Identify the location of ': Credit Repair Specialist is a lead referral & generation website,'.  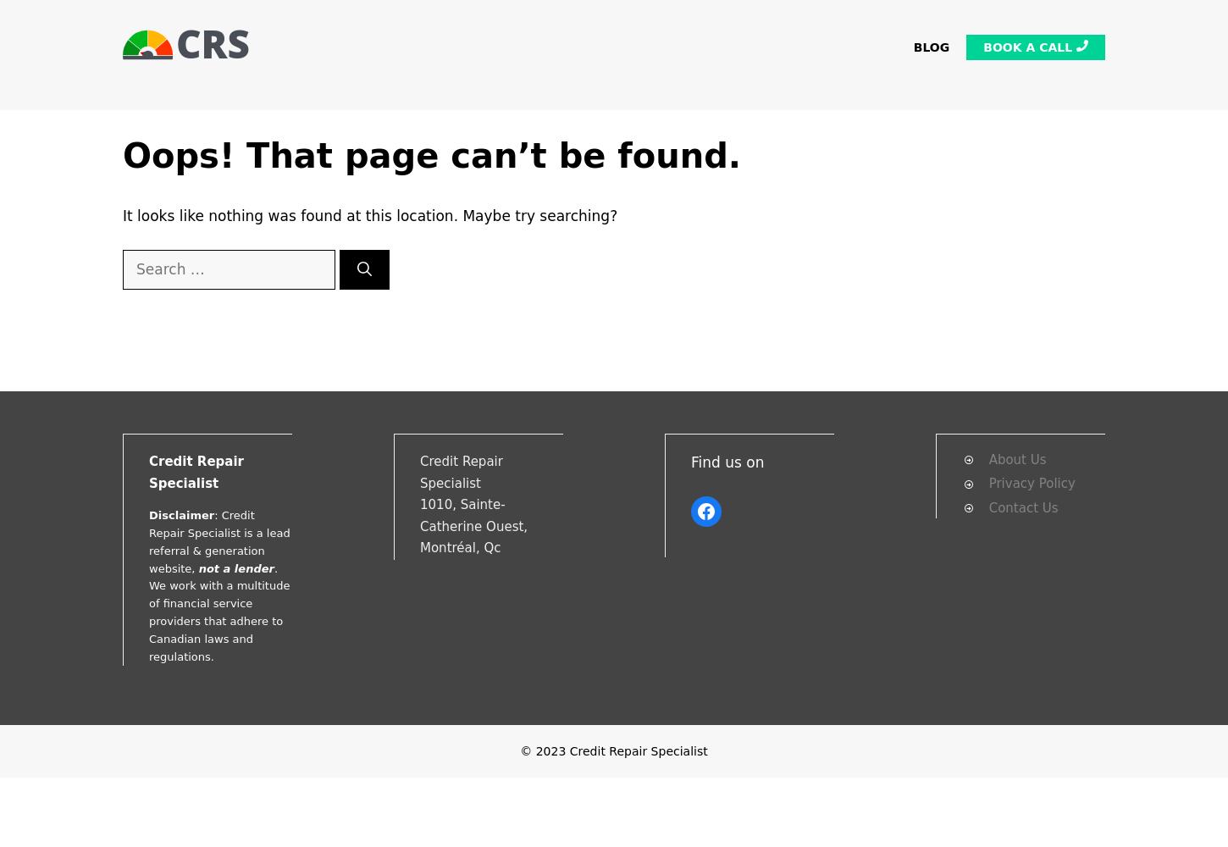
(218, 541).